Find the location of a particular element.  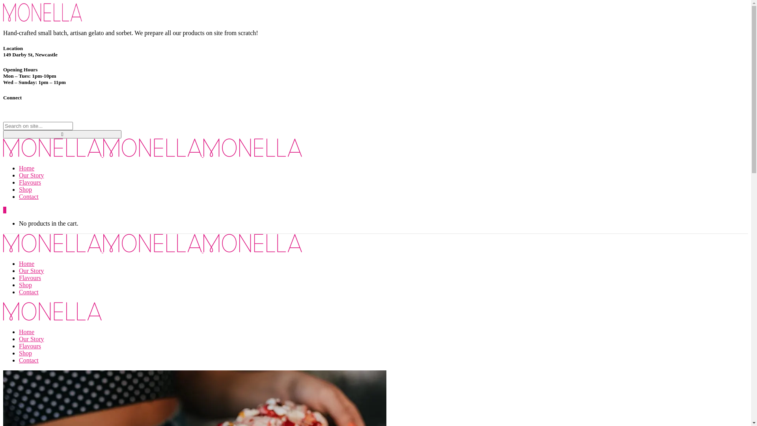

'0' is located at coordinates (5, 209).